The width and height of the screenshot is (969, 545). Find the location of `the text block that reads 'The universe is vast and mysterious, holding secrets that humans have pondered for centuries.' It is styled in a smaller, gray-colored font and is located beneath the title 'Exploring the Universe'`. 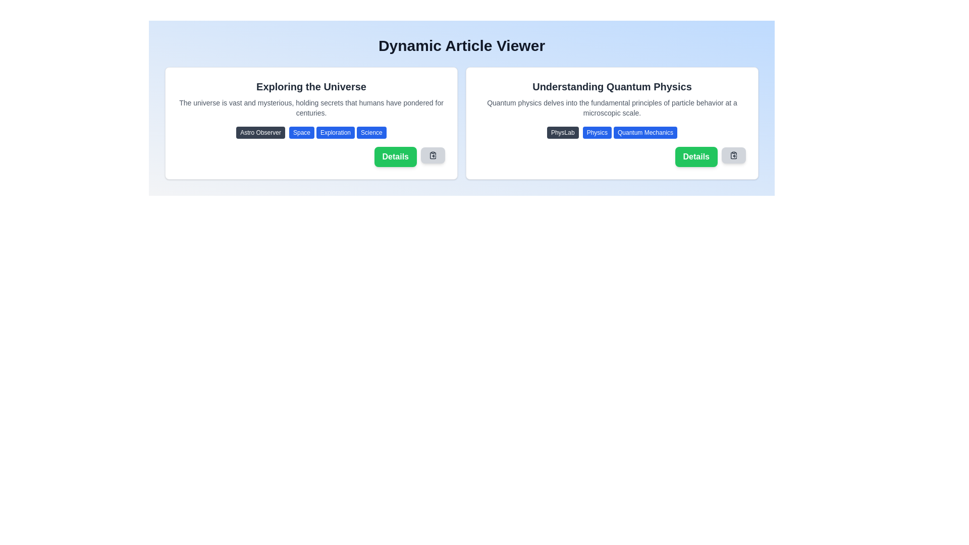

the text block that reads 'The universe is vast and mysterious, holding secrets that humans have pondered for centuries.' It is styled in a smaller, gray-colored font and is located beneath the title 'Exploring the Universe' is located at coordinates (311, 107).